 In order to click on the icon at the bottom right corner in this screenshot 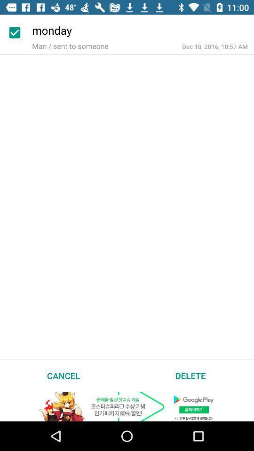, I will do `click(190, 375)`.